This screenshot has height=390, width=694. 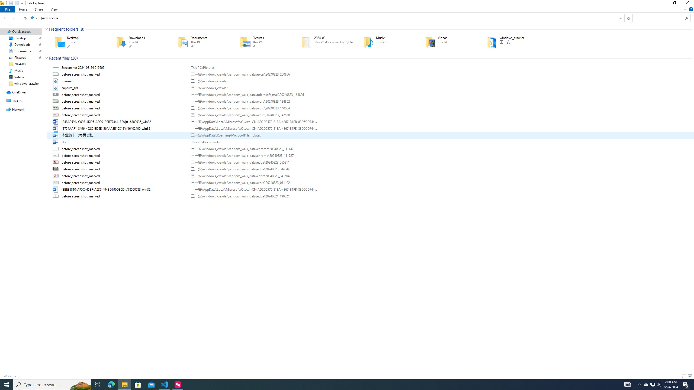 I want to click on 'windows_crawler', so click(x=510, y=42).